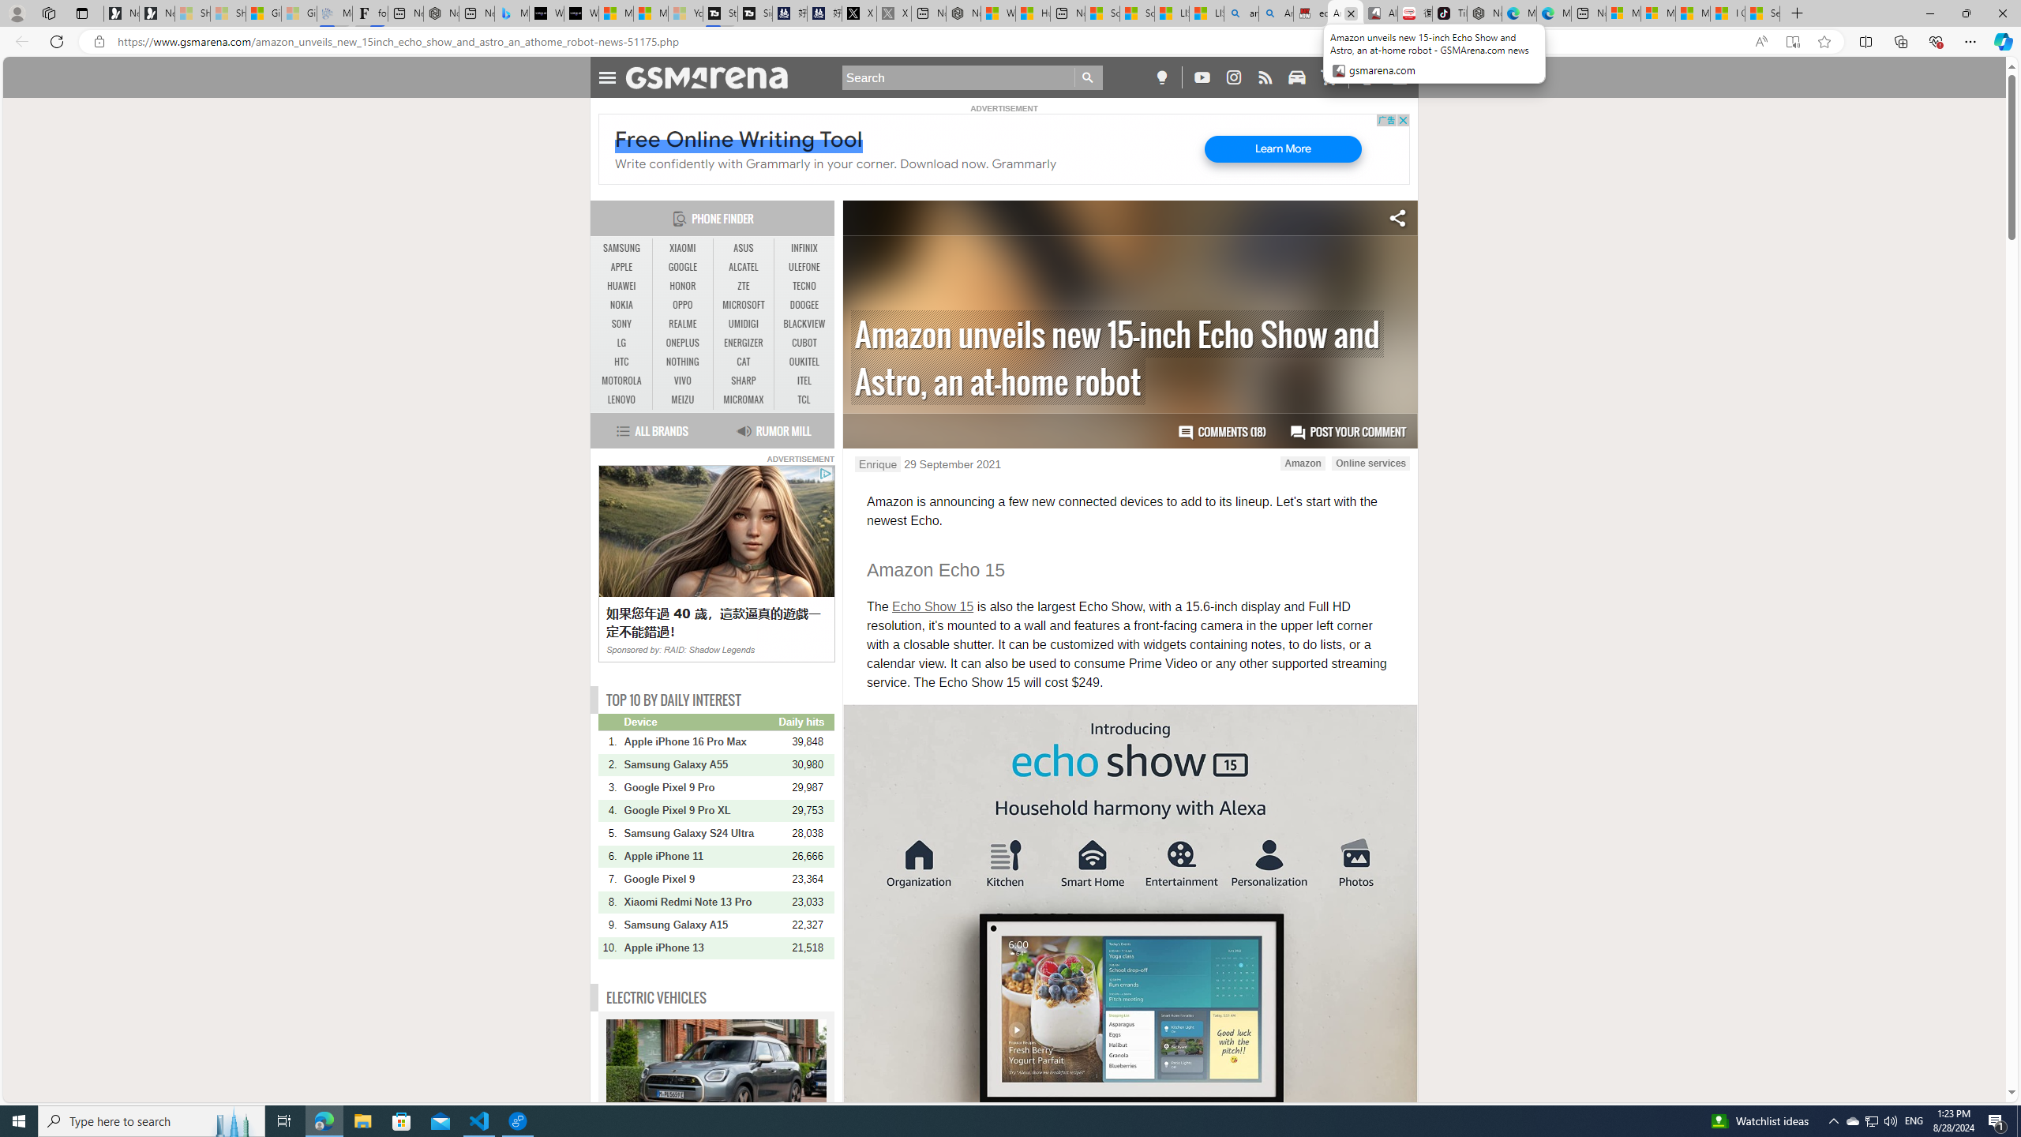 The image size is (2021, 1137). I want to click on 'Samsung Galaxy S24 Ultra', so click(699, 832).